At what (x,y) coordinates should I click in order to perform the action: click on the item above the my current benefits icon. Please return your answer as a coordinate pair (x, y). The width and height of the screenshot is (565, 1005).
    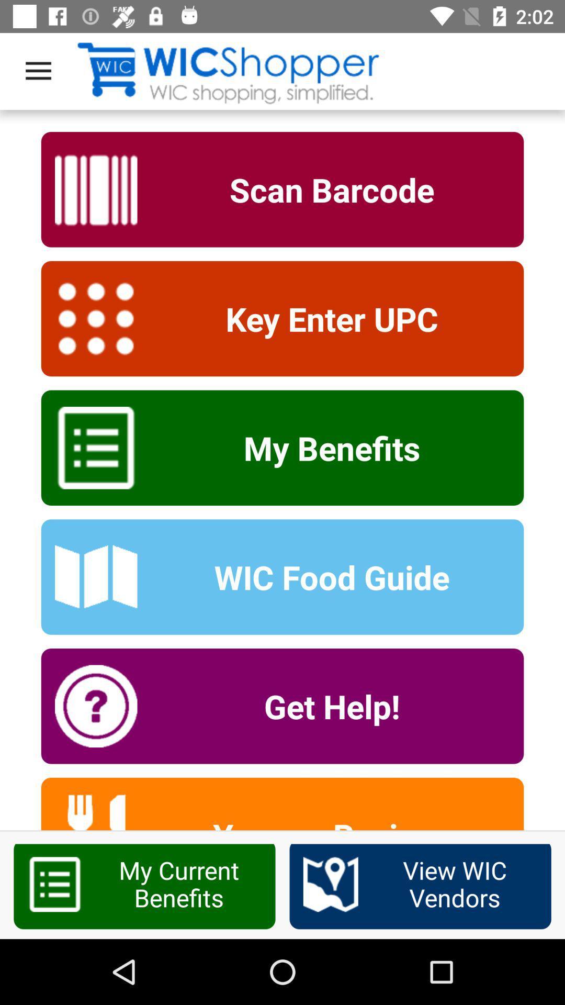
    Looking at the image, I should click on (324, 821).